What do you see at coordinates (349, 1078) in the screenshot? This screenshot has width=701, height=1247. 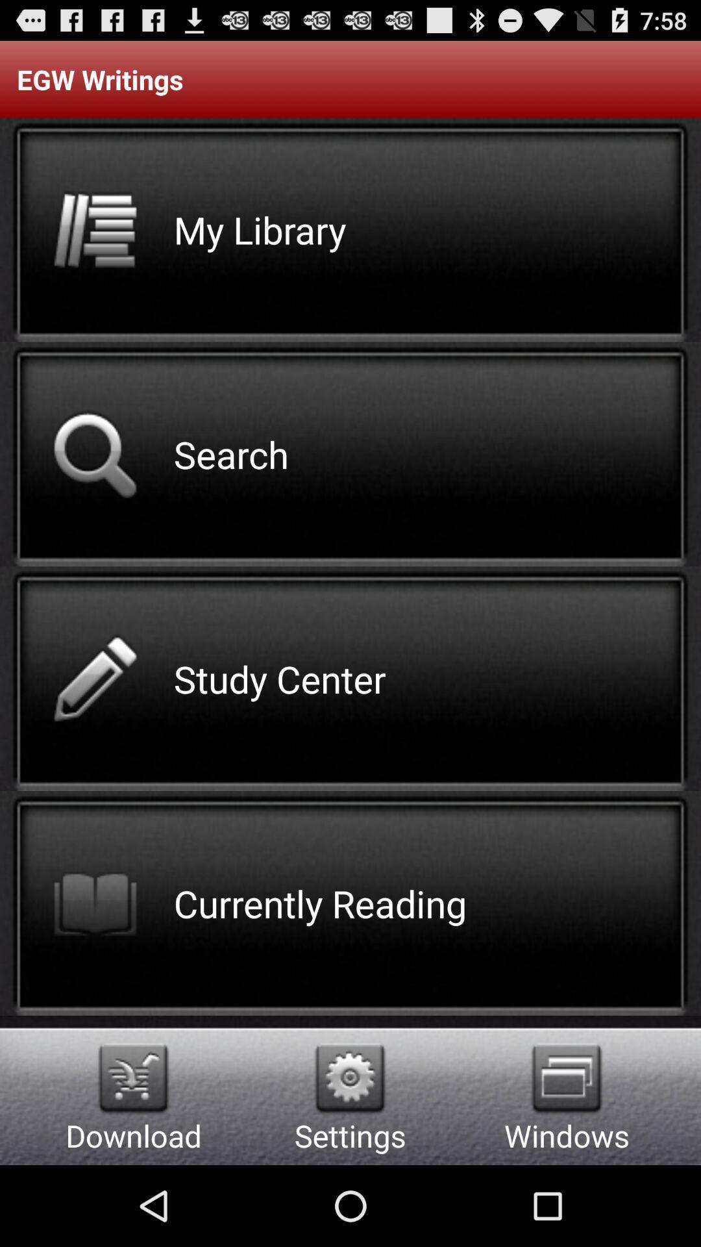 I see `icon next to windows app` at bounding box center [349, 1078].